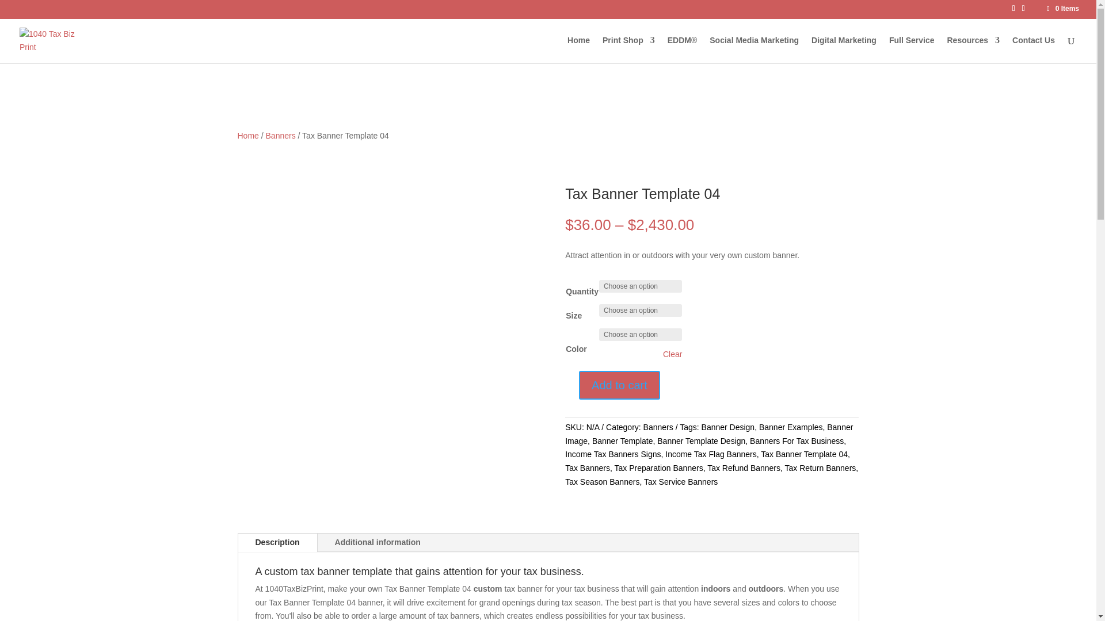  I want to click on 'Banner Image', so click(708, 434).